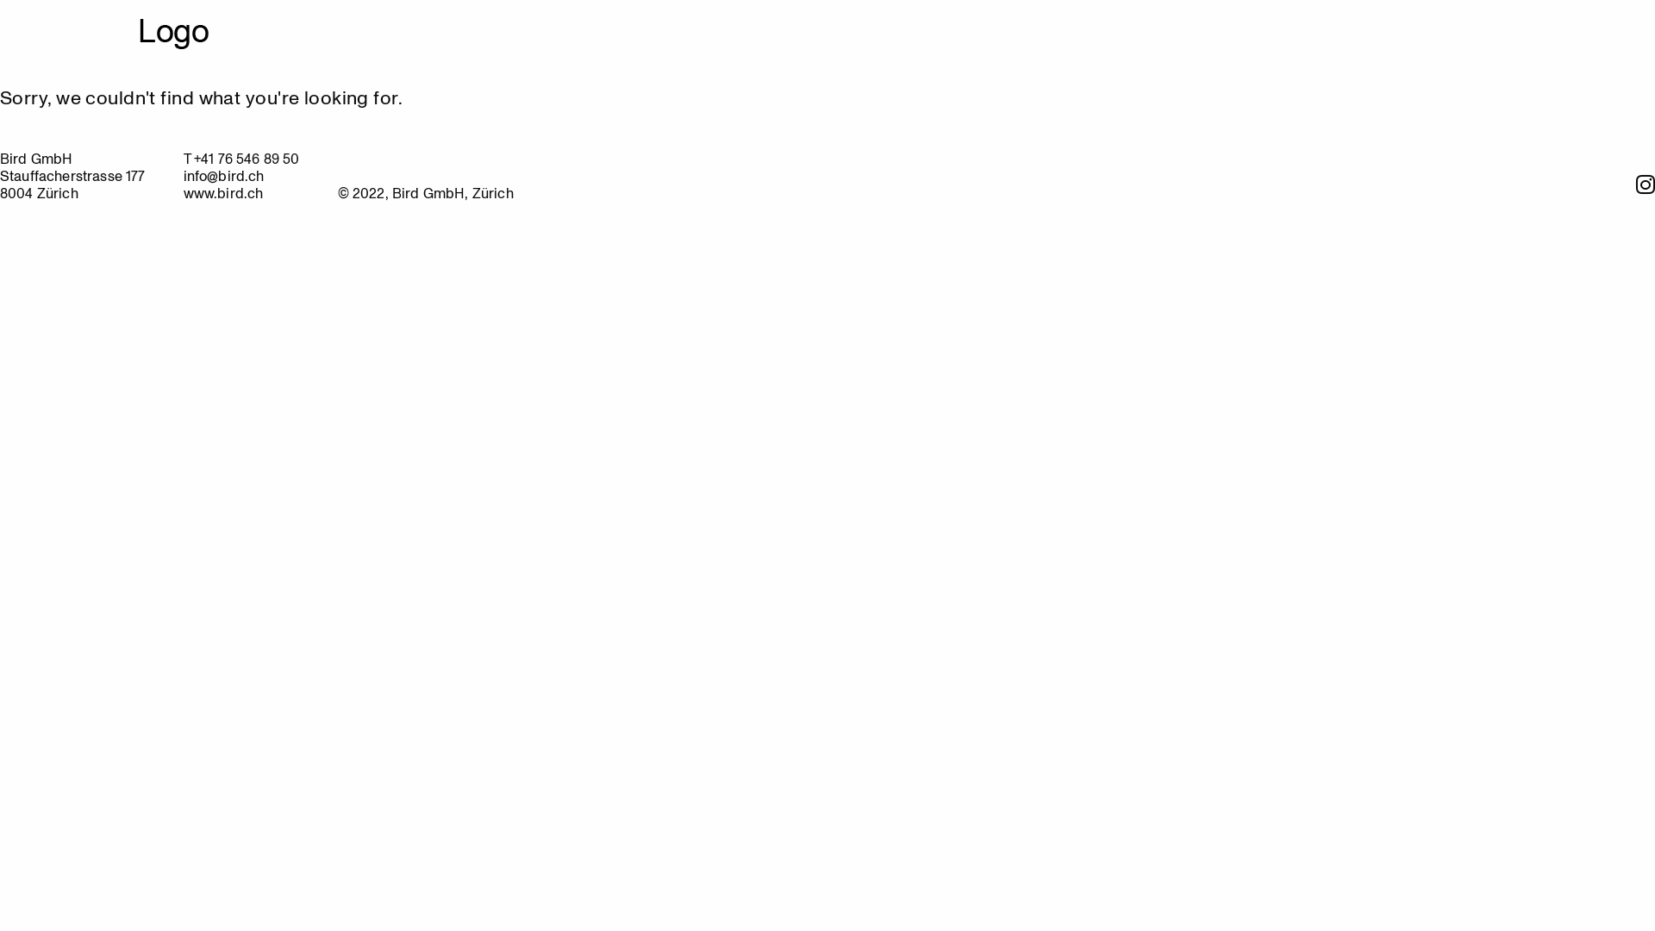 The image size is (1655, 931). What do you see at coordinates (222, 176) in the screenshot?
I see `'info@bird.ch'` at bounding box center [222, 176].